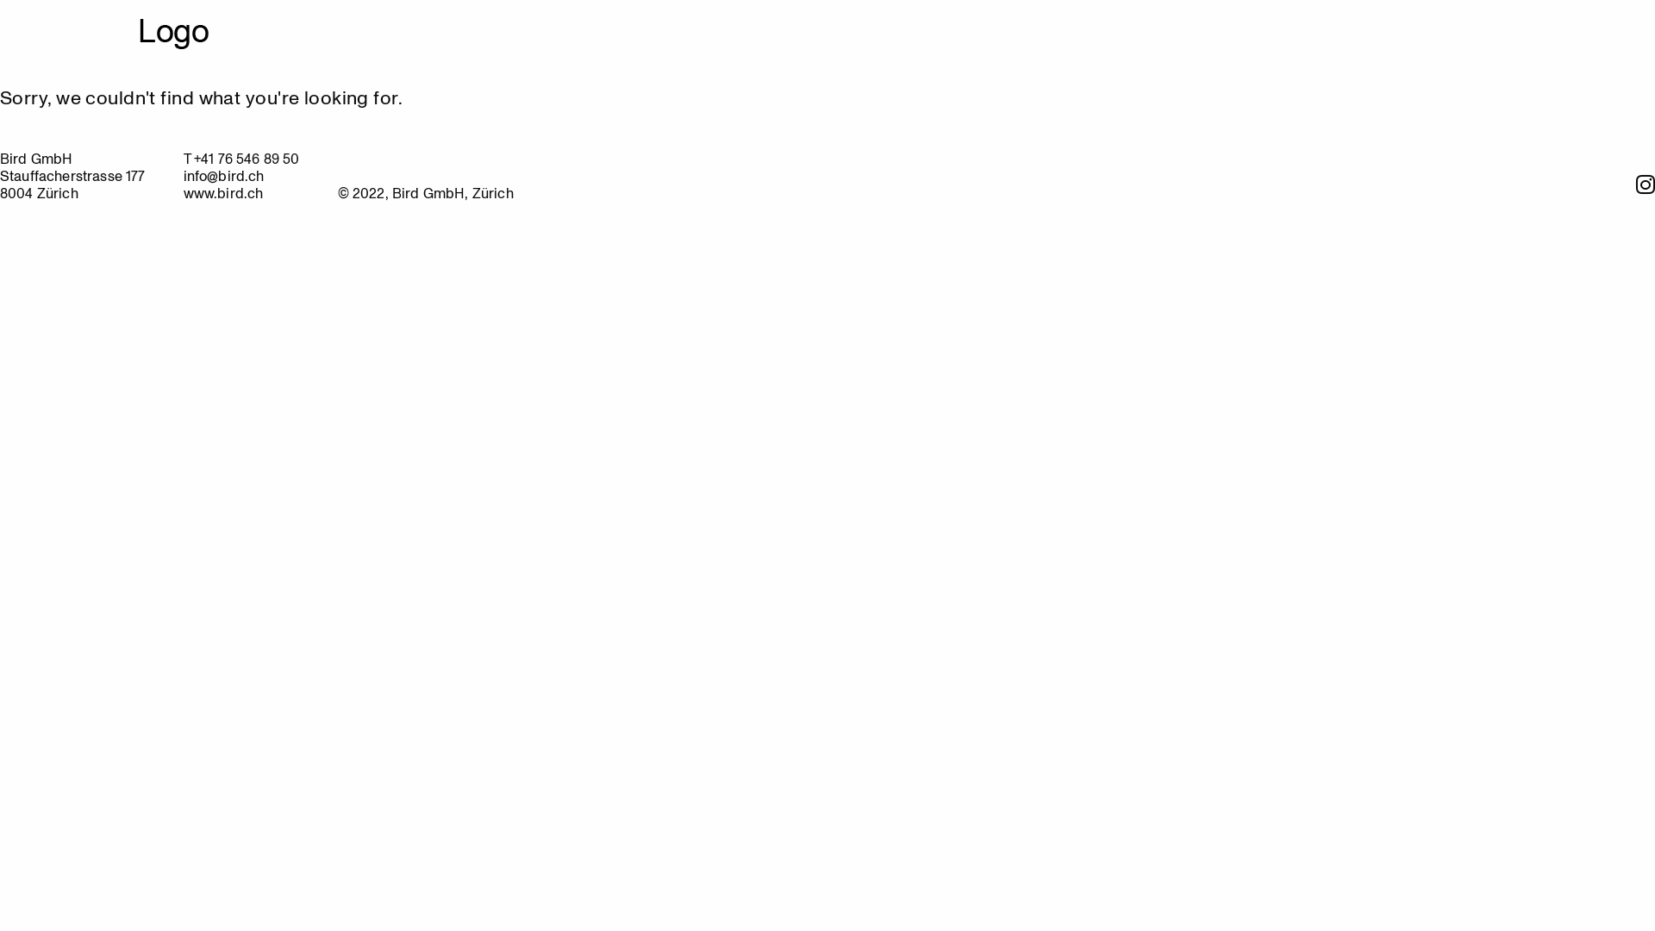 The image size is (1655, 931). What do you see at coordinates (222, 176) in the screenshot?
I see `'info@bird.ch'` at bounding box center [222, 176].